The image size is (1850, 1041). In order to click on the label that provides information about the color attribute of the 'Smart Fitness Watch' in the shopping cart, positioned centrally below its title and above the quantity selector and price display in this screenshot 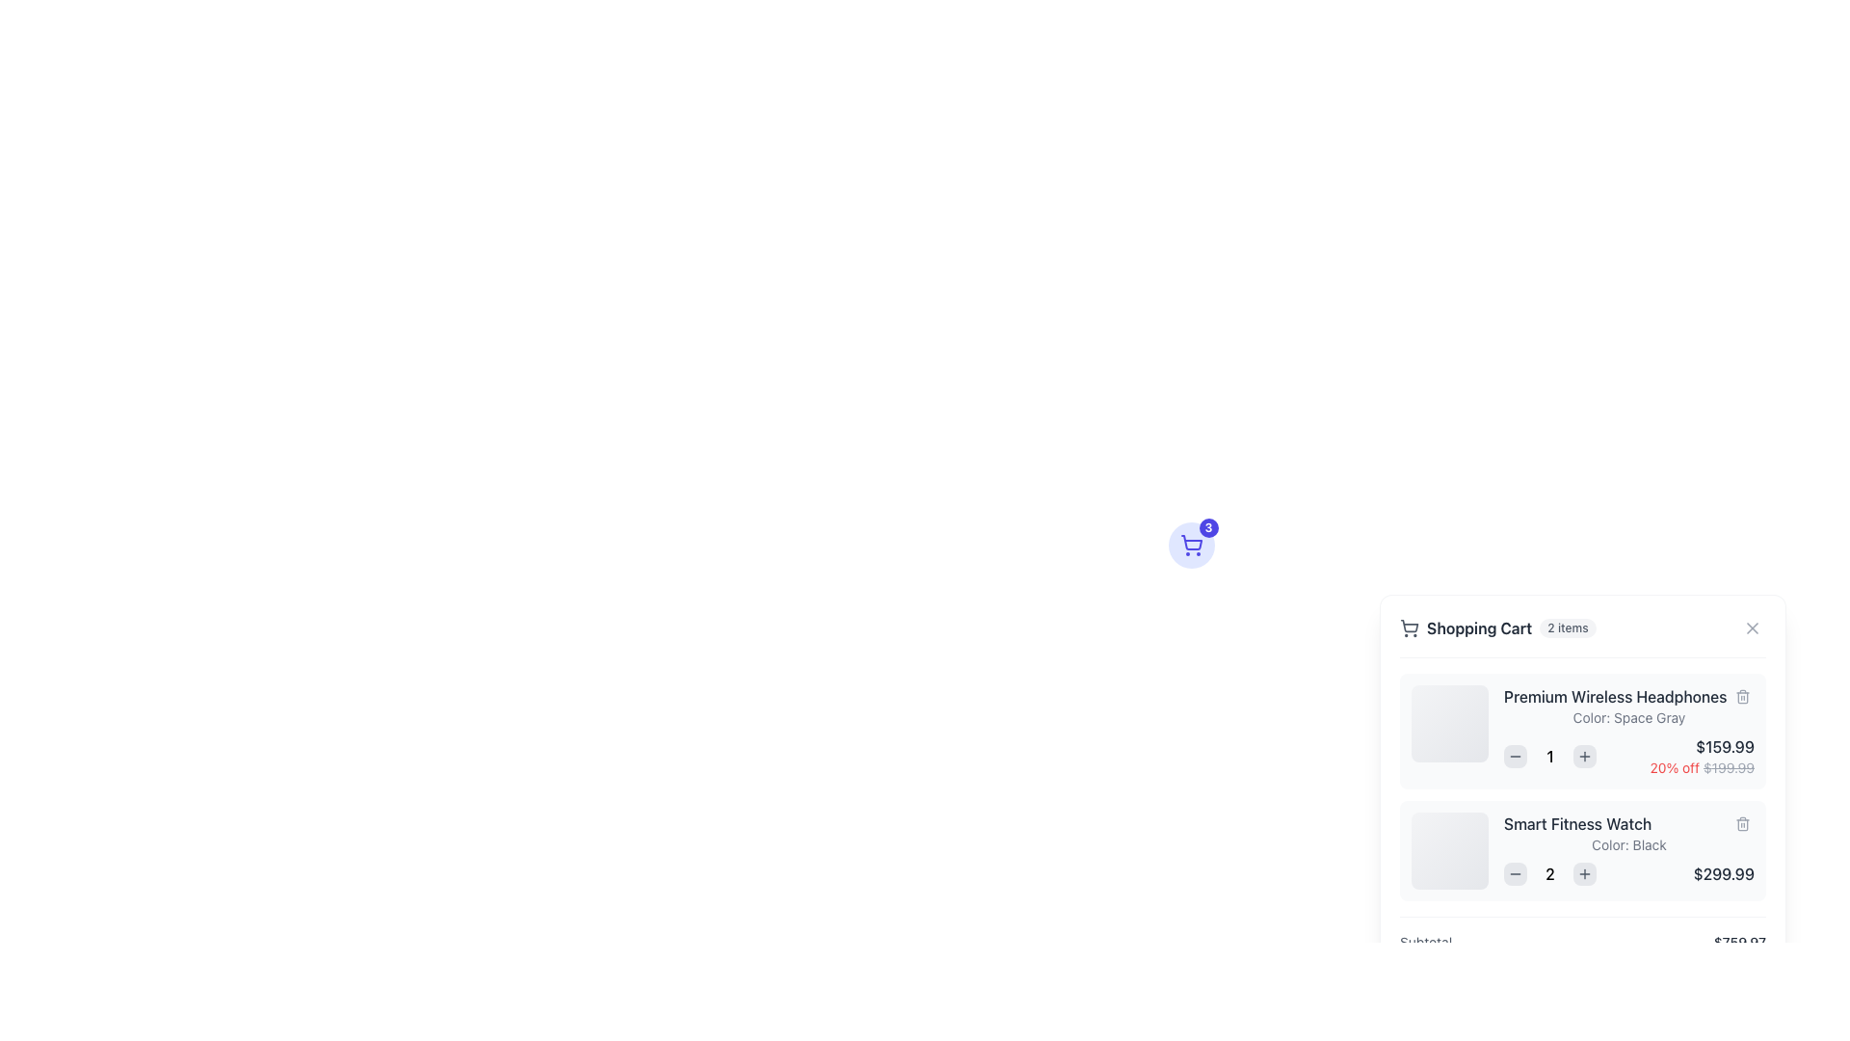, I will do `click(1627, 843)`.